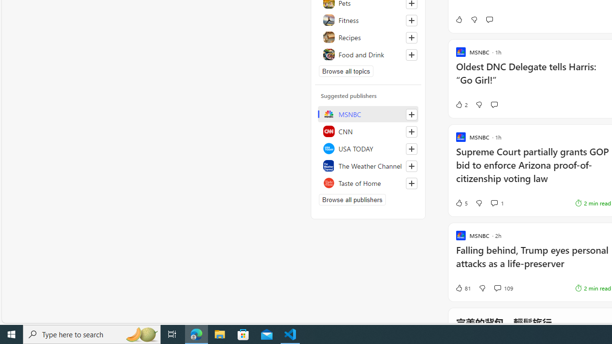  What do you see at coordinates (463, 288) in the screenshot?
I see `'81 Like'` at bounding box center [463, 288].